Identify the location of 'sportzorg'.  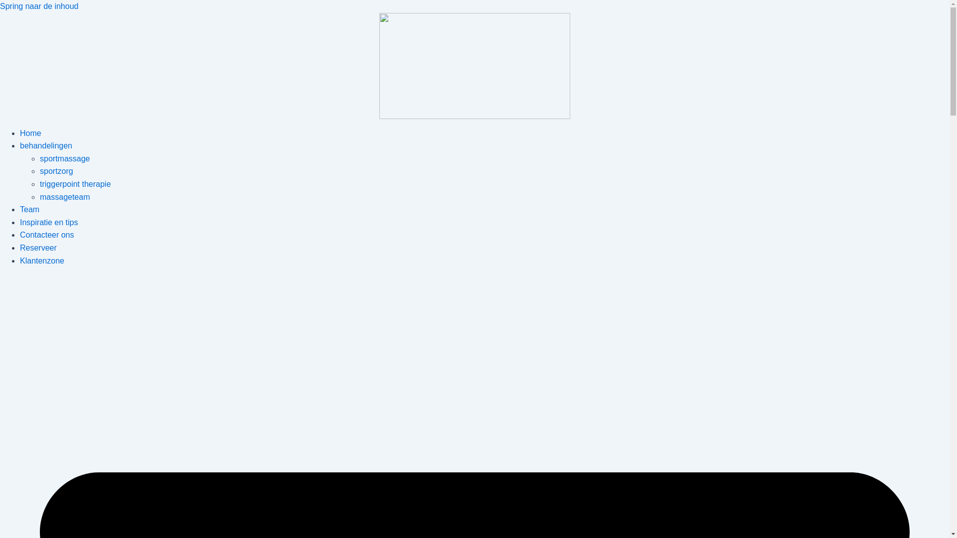
(56, 170).